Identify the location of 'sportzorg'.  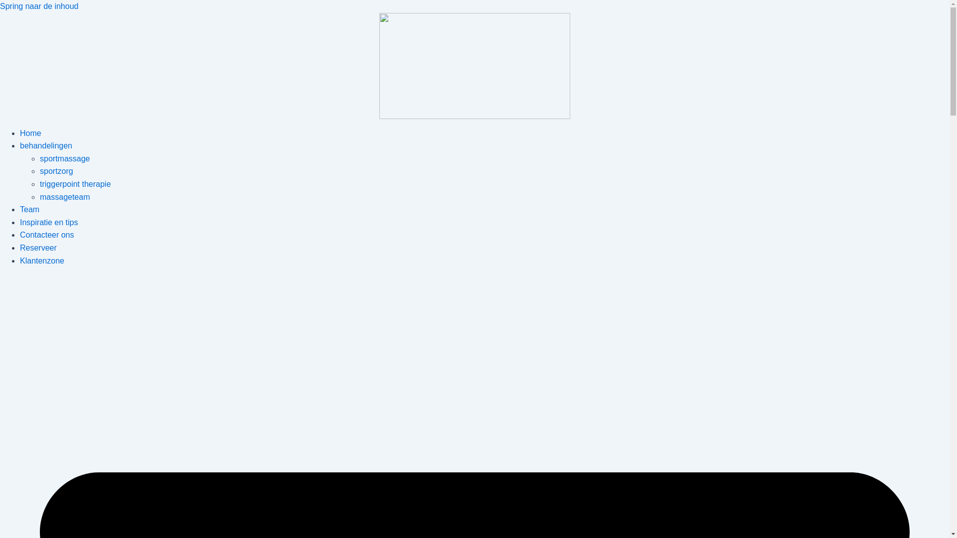
(56, 170).